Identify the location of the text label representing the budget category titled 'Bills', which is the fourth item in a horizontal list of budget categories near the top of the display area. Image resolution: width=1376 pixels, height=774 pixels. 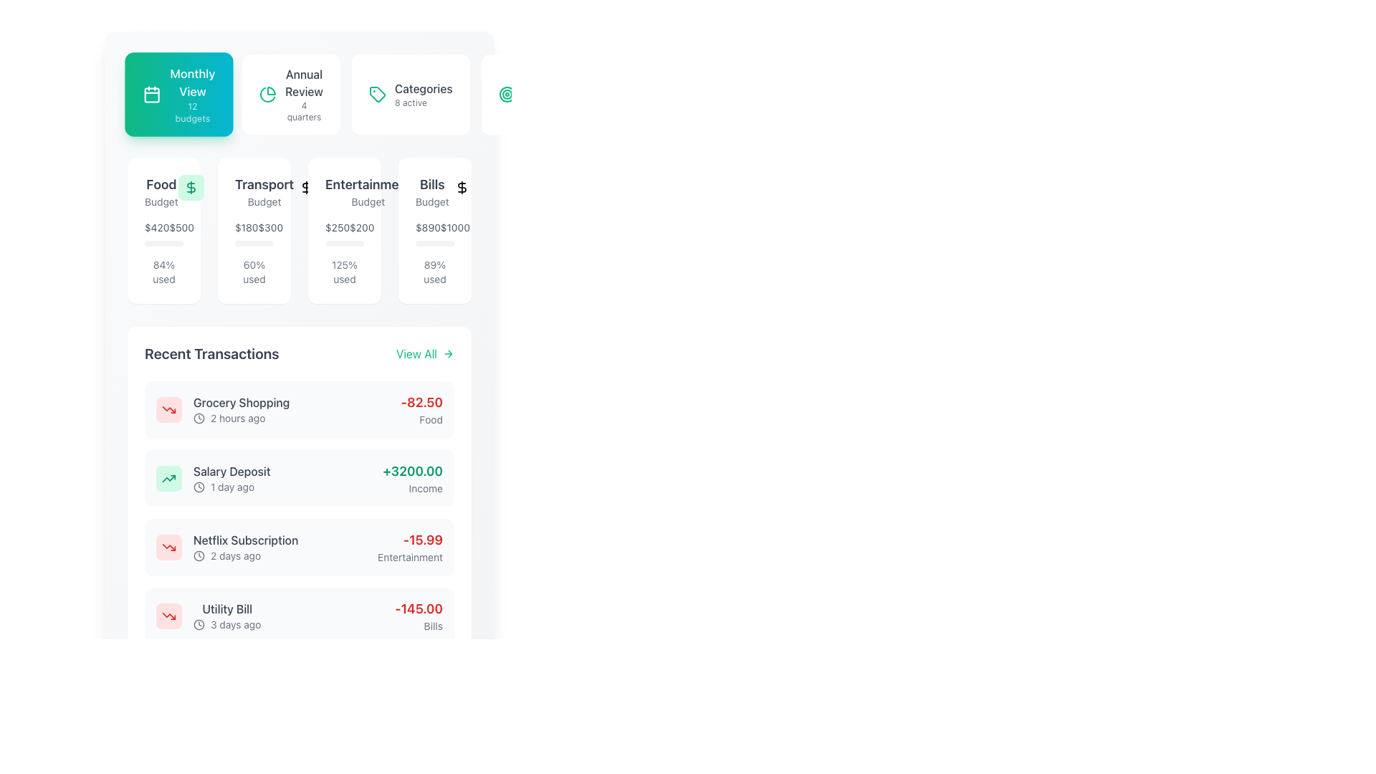
(431, 184).